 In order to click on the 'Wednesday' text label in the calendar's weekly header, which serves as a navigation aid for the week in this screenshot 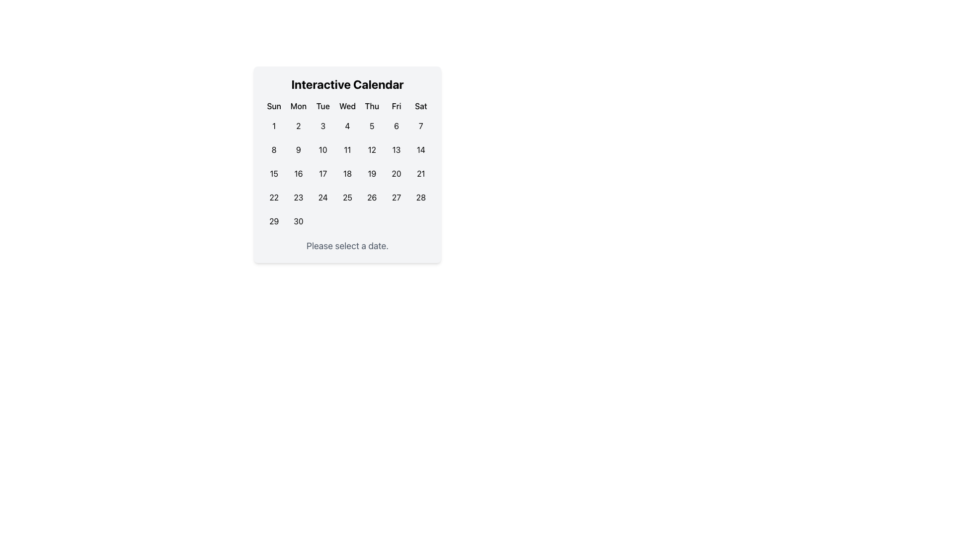, I will do `click(347, 106)`.